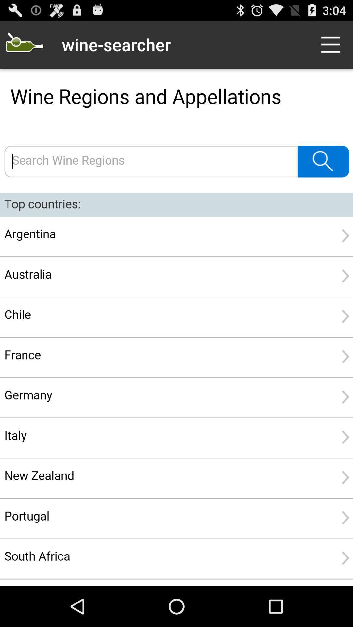 The height and width of the screenshot is (627, 353). I want to click on search wine regions, so click(176, 327).